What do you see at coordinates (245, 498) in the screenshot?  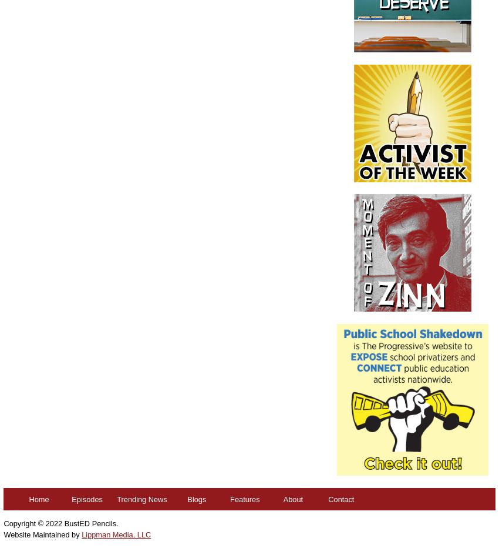 I see `'Features'` at bounding box center [245, 498].